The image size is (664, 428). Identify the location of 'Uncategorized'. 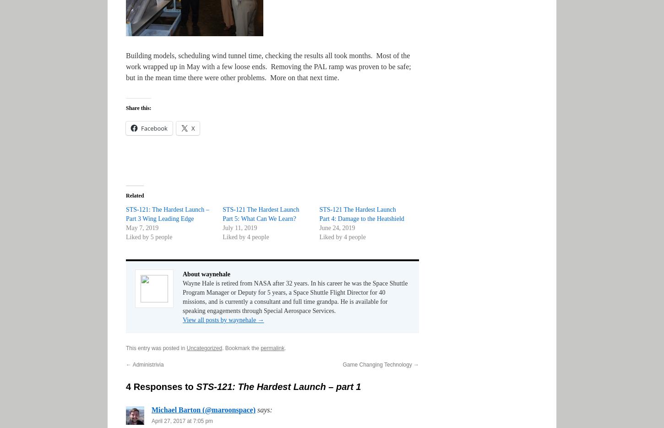
(204, 347).